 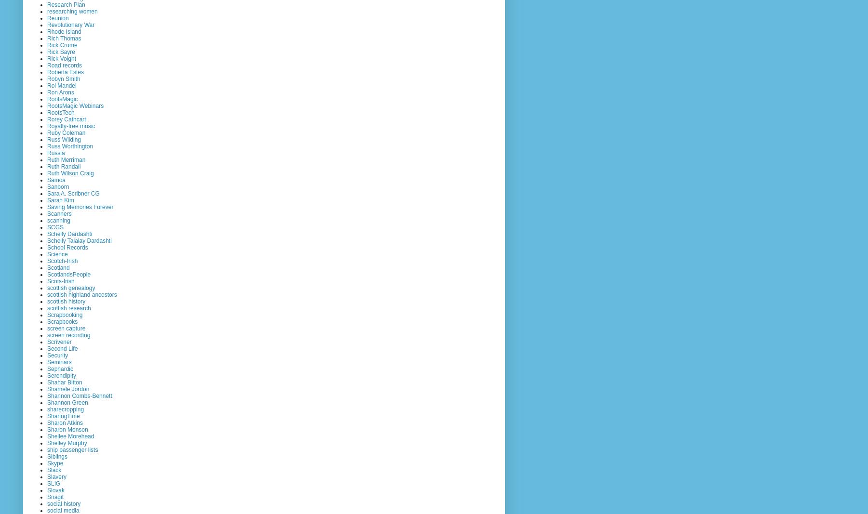 I want to click on 'Science', so click(x=57, y=253).